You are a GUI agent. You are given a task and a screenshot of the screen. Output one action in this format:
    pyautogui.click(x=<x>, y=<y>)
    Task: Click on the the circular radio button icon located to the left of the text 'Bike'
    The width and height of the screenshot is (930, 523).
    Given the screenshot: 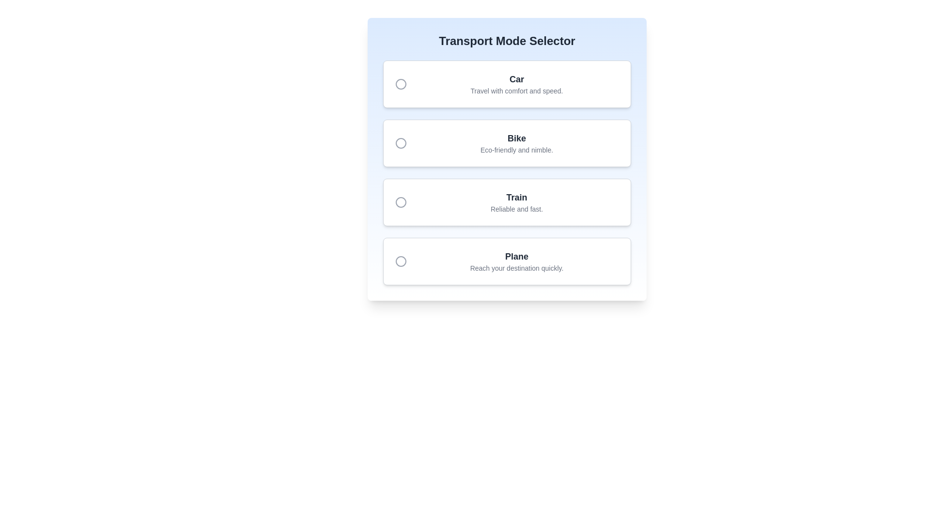 What is the action you would take?
    pyautogui.click(x=401, y=143)
    